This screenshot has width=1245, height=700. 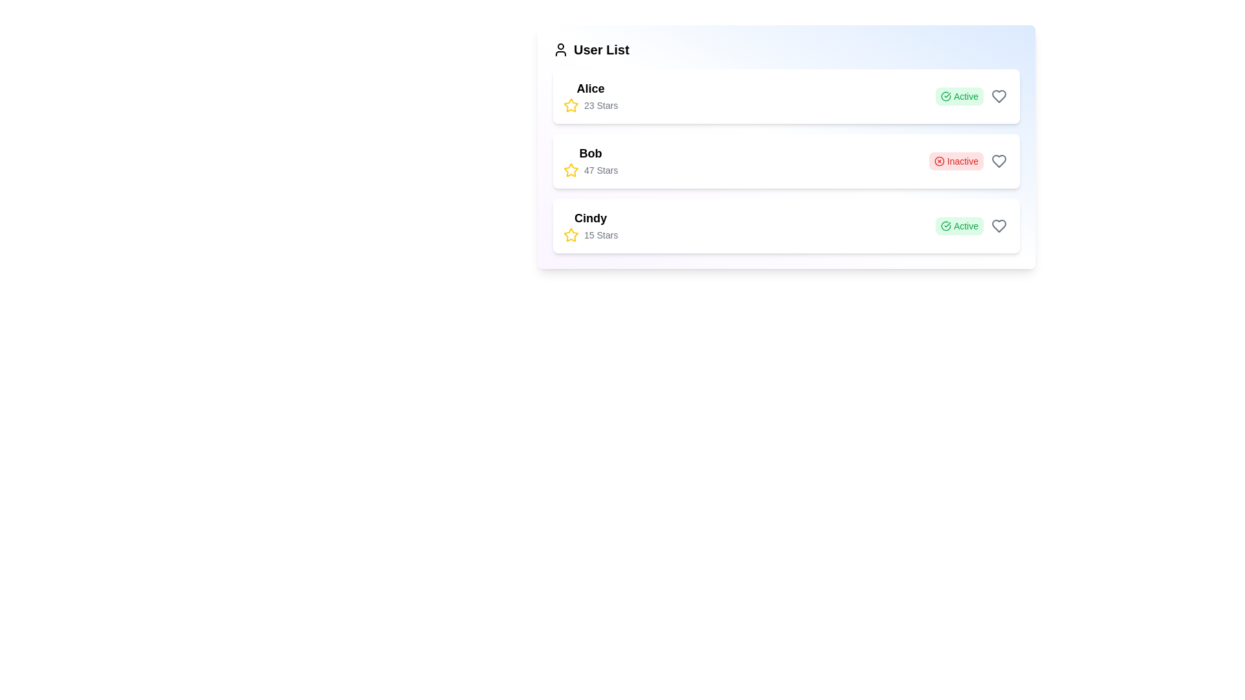 What do you see at coordinates (998, 96) in the screenshot?
I see `the heart icon for Alice to like the user` at bounding box center [998, 96].